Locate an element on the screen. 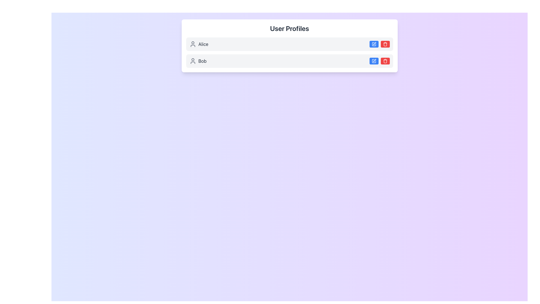 The image size is (540, 304). the trashcan icon located in the red action button on the right side of the row associated with user profile 'Bob' to initiate a delete action is located at coordinates (385, 44).